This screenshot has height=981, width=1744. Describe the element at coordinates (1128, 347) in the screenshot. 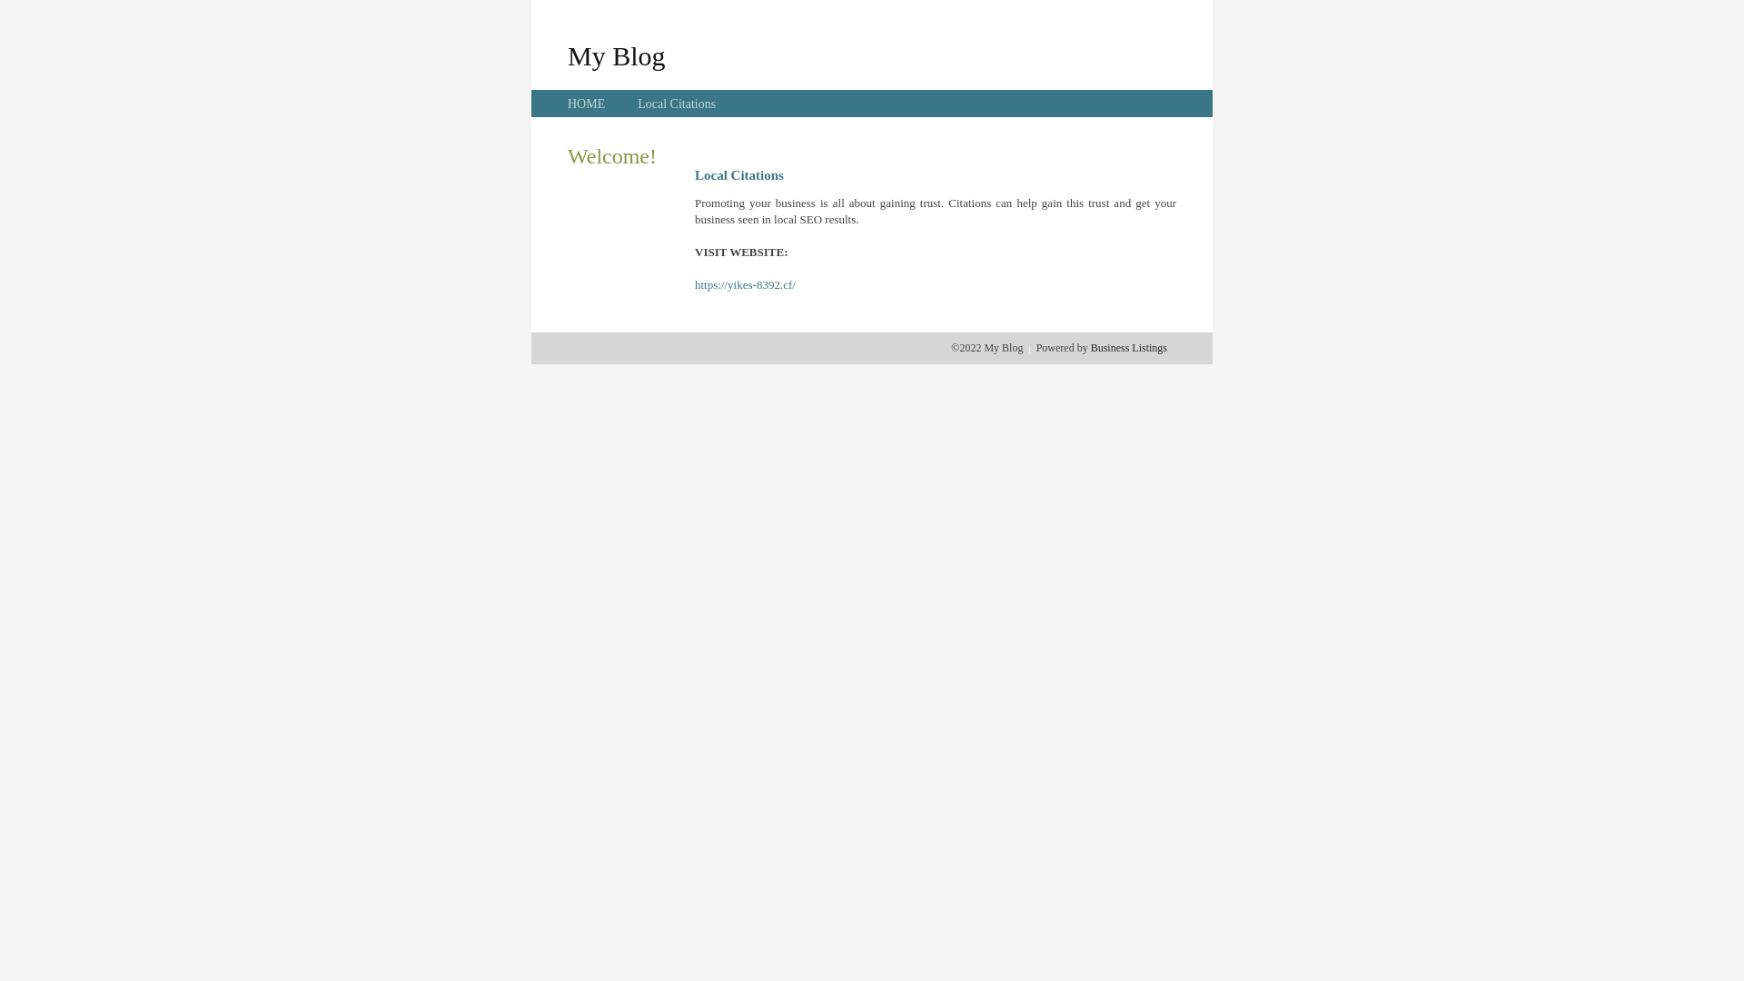

I see `'Business Listings'` at that location.